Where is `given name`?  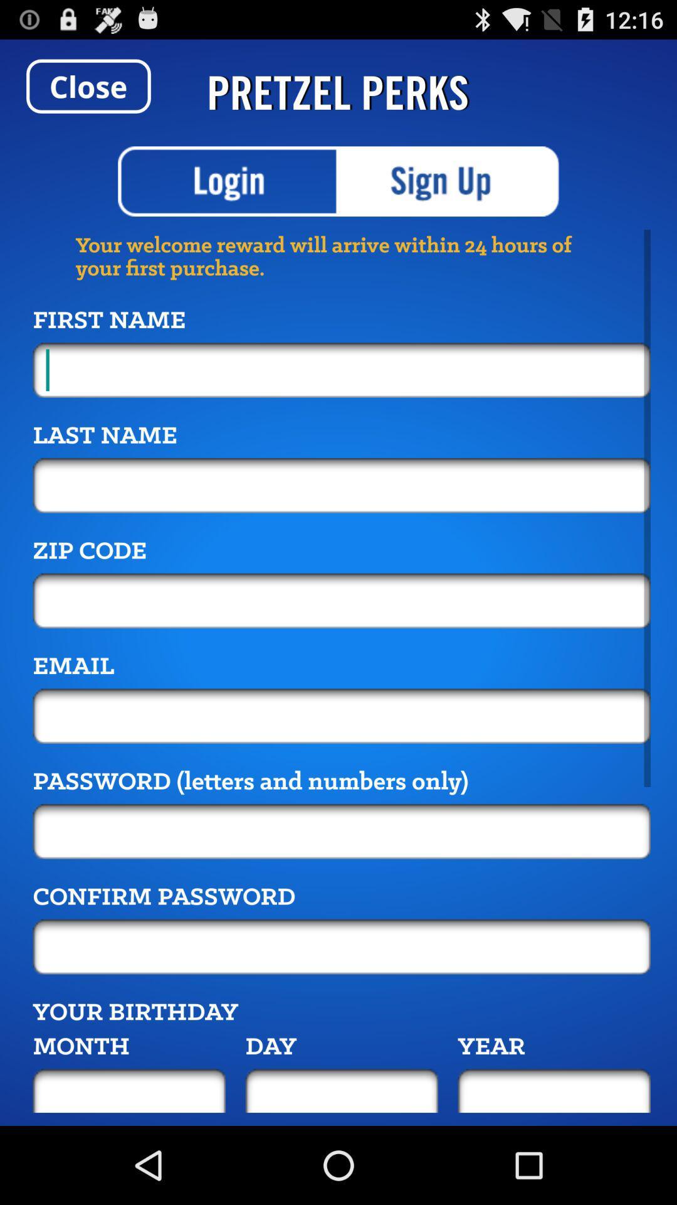 given name is located at coordinates (342, 369).